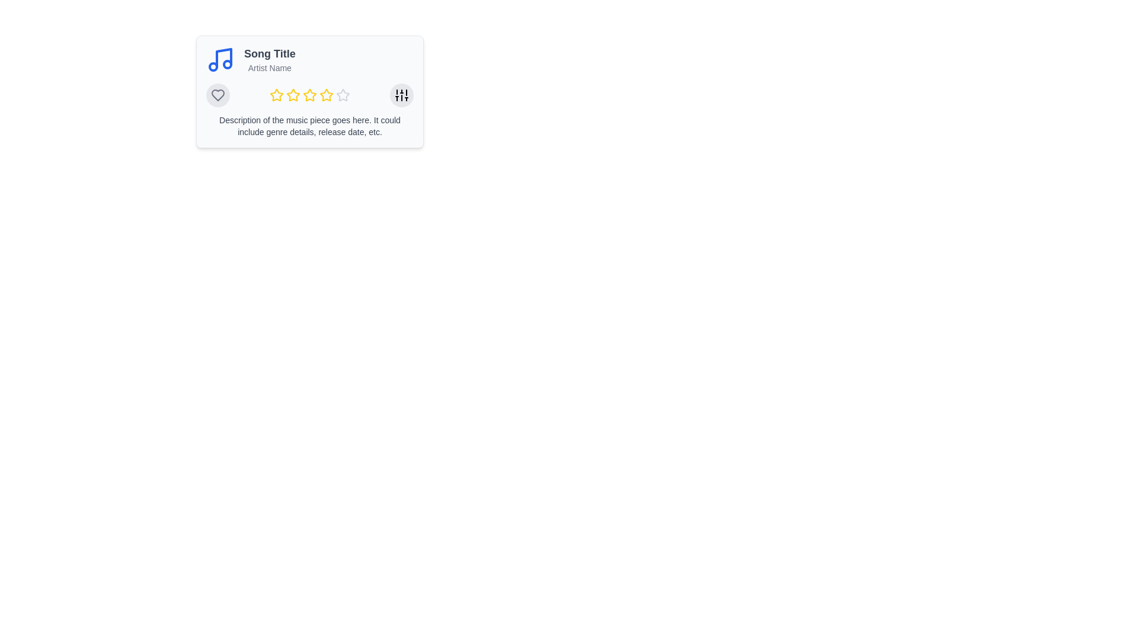 This screenshot has height=640, width=1138. Describe the element at coordinates (293, 95) in the screenshot. I see `the second star icon in the 5-star rating system located under the title and artist name section of the song card layout` at that location.